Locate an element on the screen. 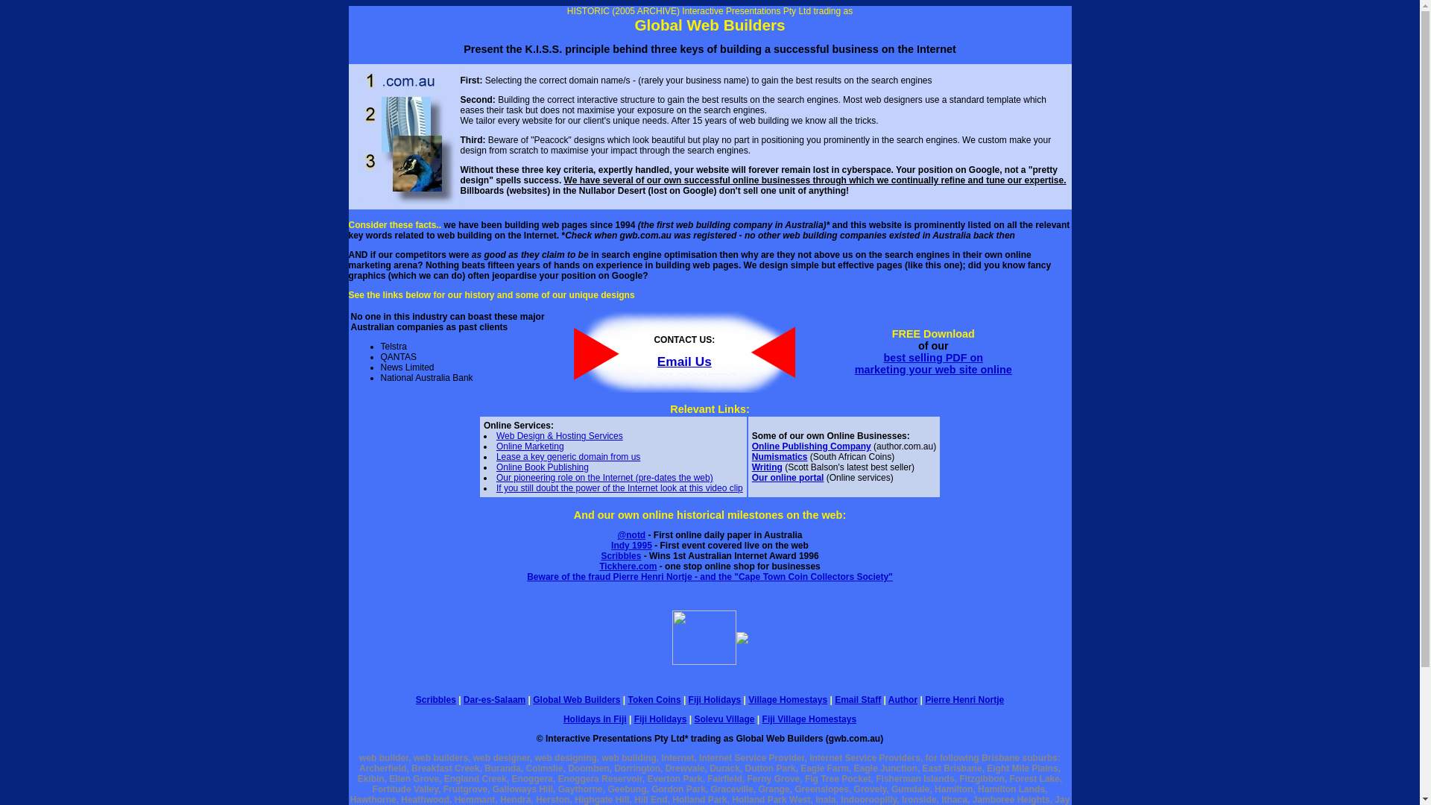 The image size is (1431, 805). '@notd' is located at coordinates (618, 534).